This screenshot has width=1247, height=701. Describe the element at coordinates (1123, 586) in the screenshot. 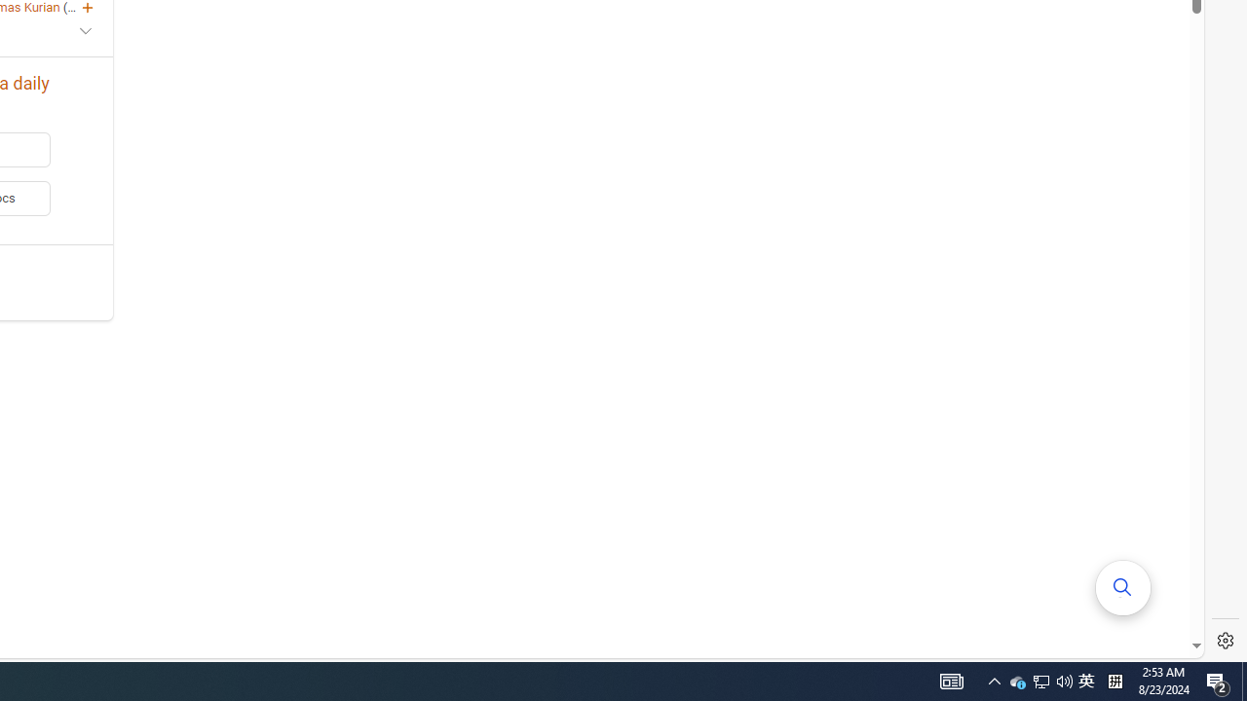

I see `'AutomationID: mfa_root'` at that location.